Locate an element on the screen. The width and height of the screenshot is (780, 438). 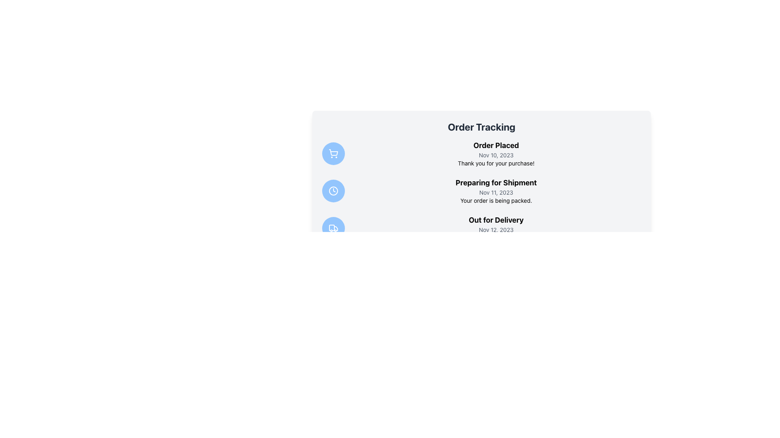
the Notification block indicating the order was placed on 'Nov 10, 2023' and thanking the user, which is the first entry in the order tracking list is located at coordinates (481, 153).